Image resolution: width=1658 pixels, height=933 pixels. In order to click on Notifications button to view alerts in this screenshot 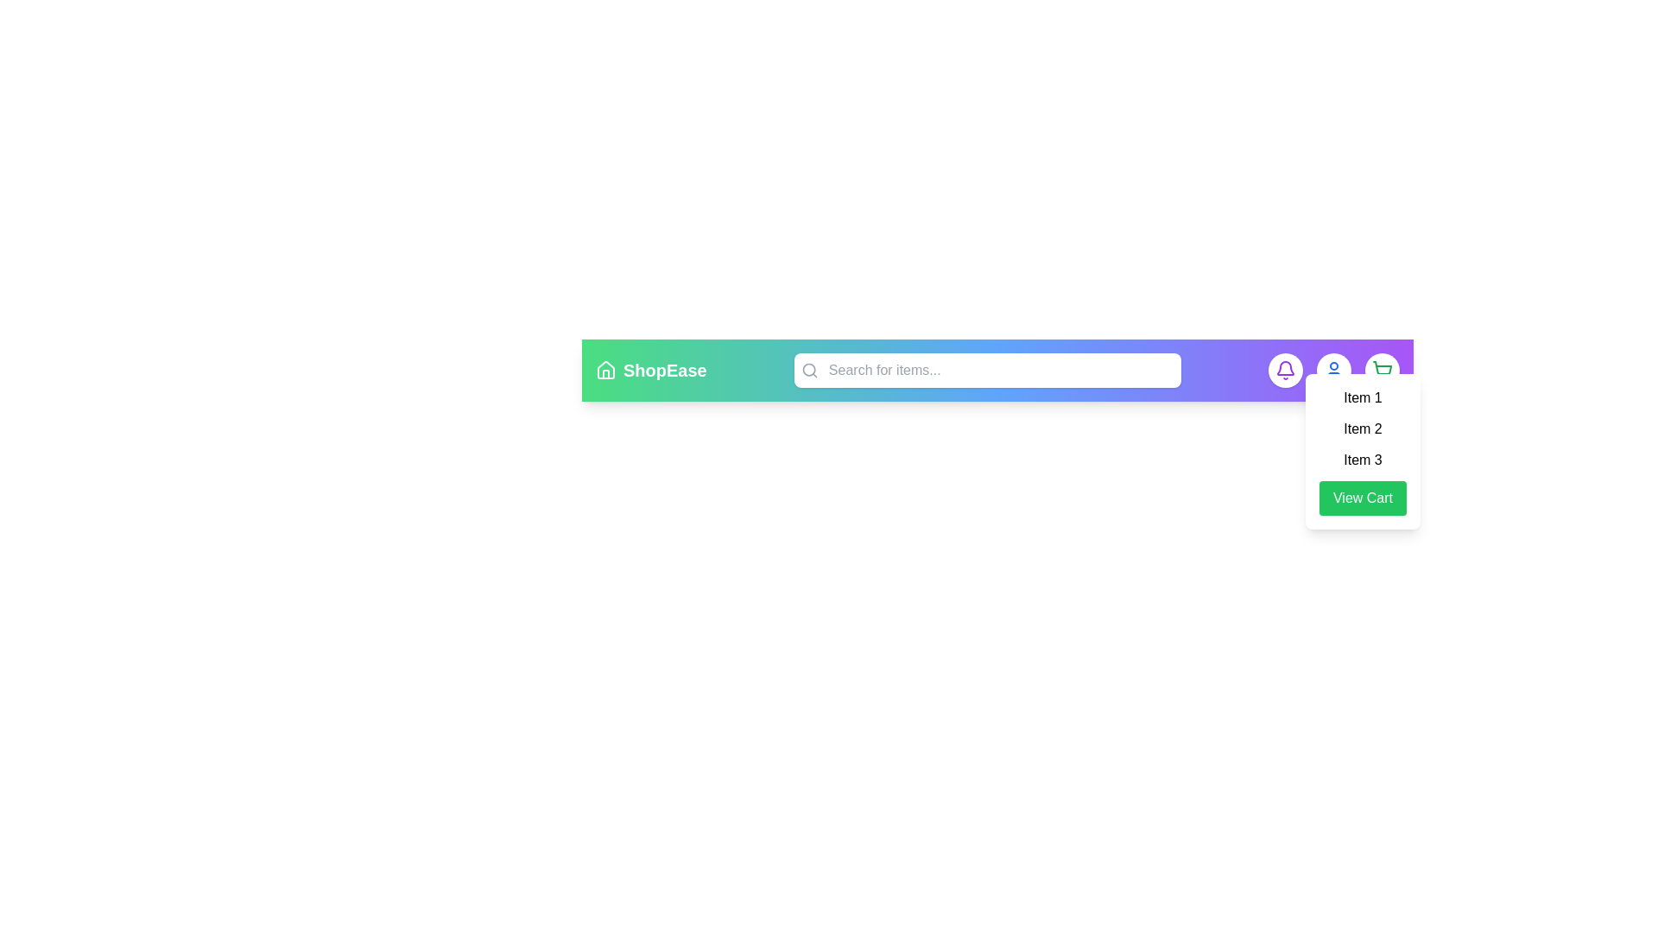, I will do `click(1285, 369)`.